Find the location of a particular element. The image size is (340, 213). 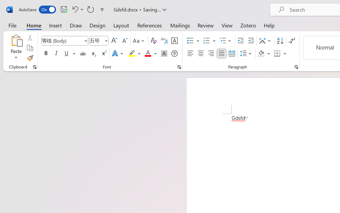

'Shading' is located at coordinates (264, 54).